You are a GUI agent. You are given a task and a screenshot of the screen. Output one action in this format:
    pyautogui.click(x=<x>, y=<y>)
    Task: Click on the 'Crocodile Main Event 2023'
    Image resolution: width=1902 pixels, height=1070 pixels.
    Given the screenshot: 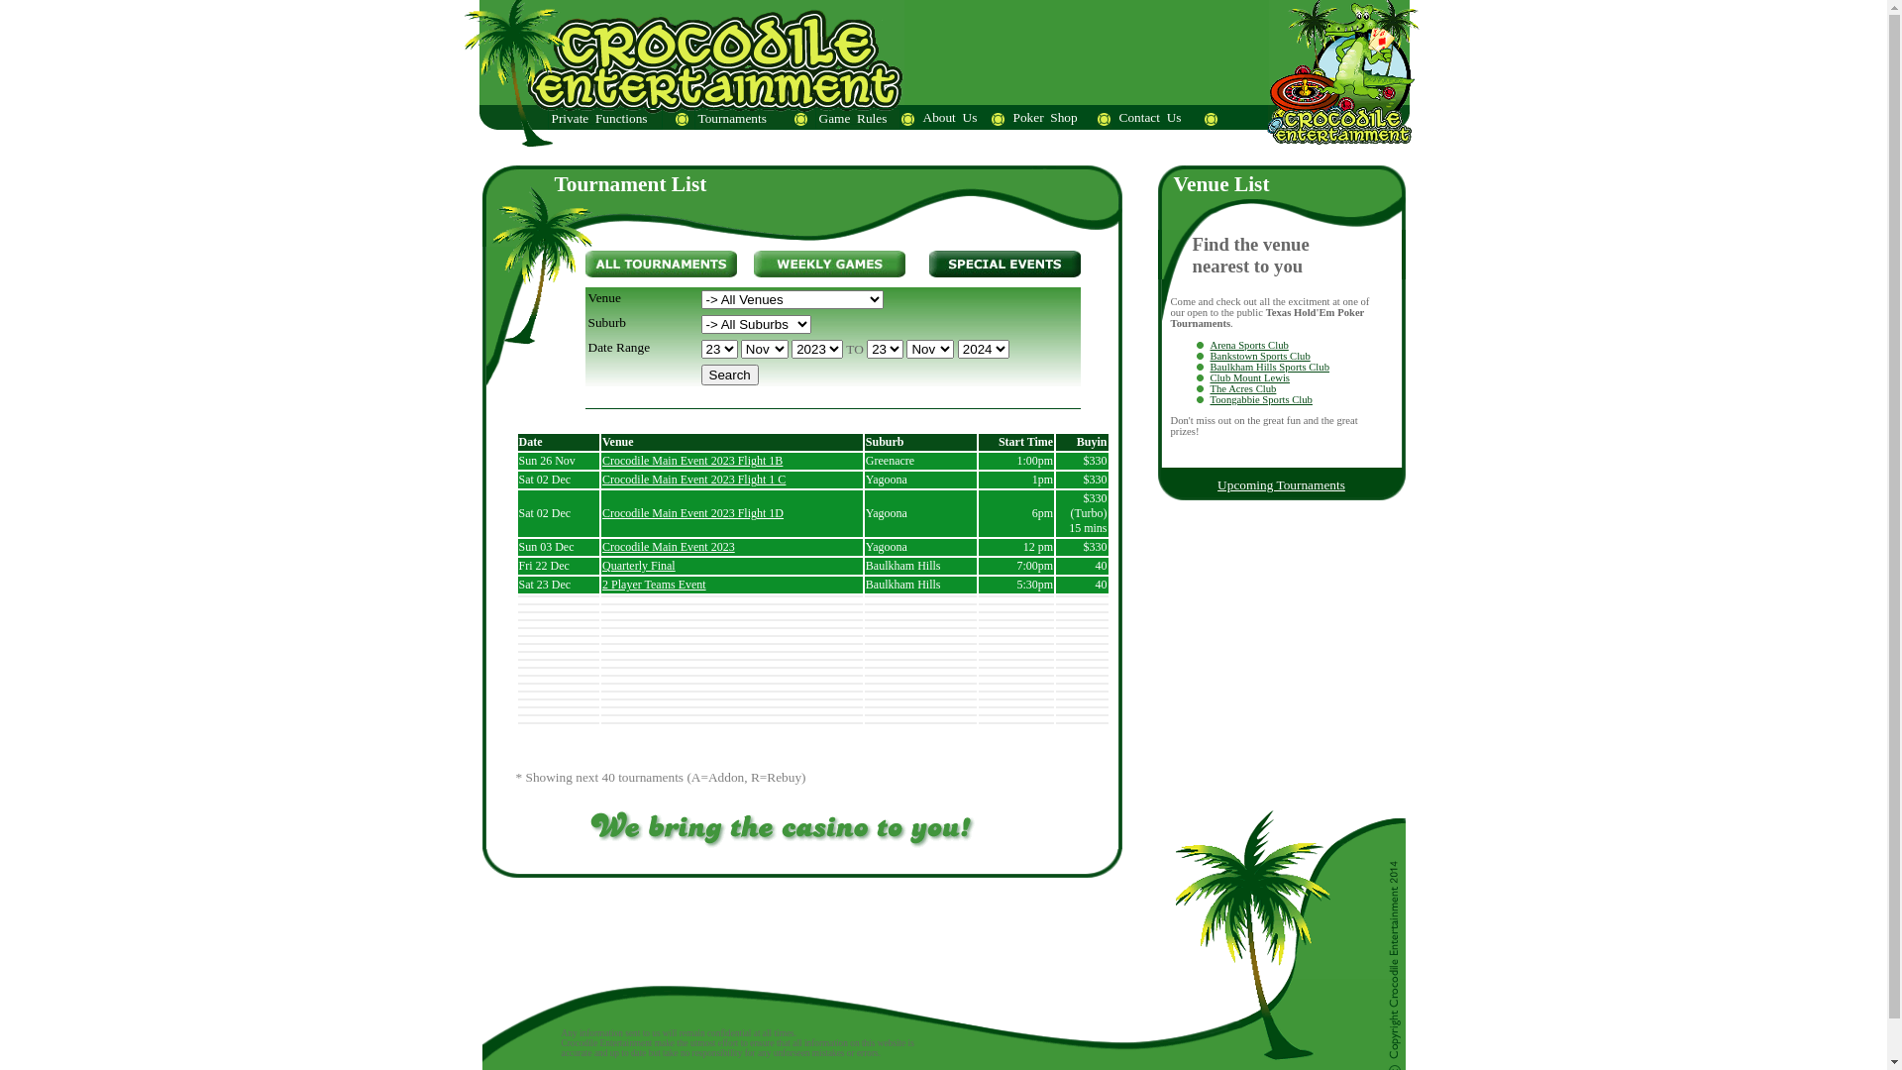 What is the action you would take?
    pyautogui.click(x=669, y=546)
    